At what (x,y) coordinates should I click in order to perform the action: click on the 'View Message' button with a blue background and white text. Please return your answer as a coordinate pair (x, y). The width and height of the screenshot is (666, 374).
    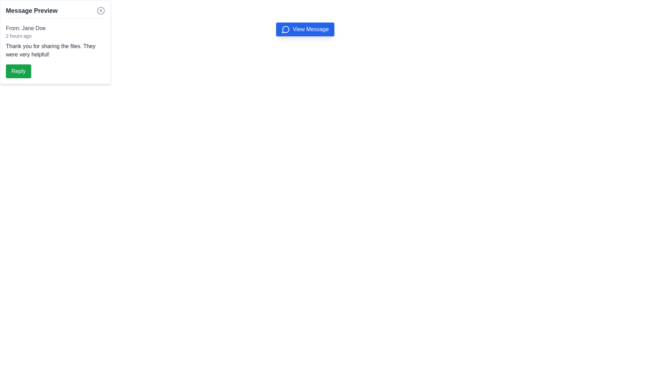
    Looking at the image, I should click on (305, 29).